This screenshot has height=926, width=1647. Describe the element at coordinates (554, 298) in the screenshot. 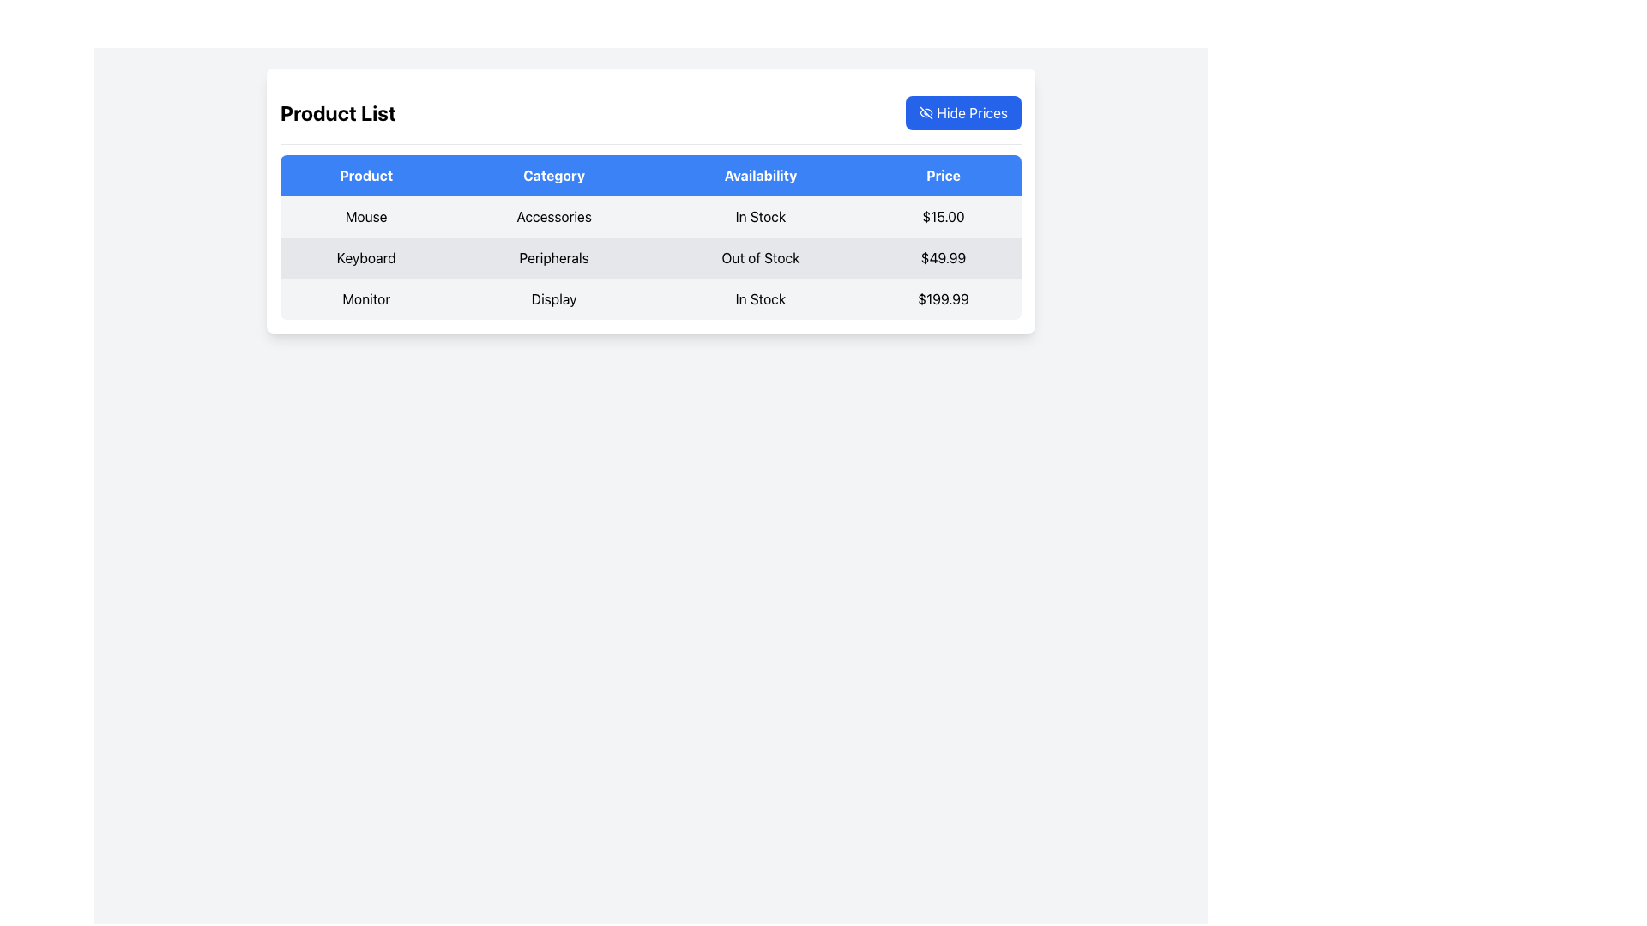

I see `the text element displaying 'Display' in black font, located under the 'Category' column of the 'Monitor' product row` at that location.